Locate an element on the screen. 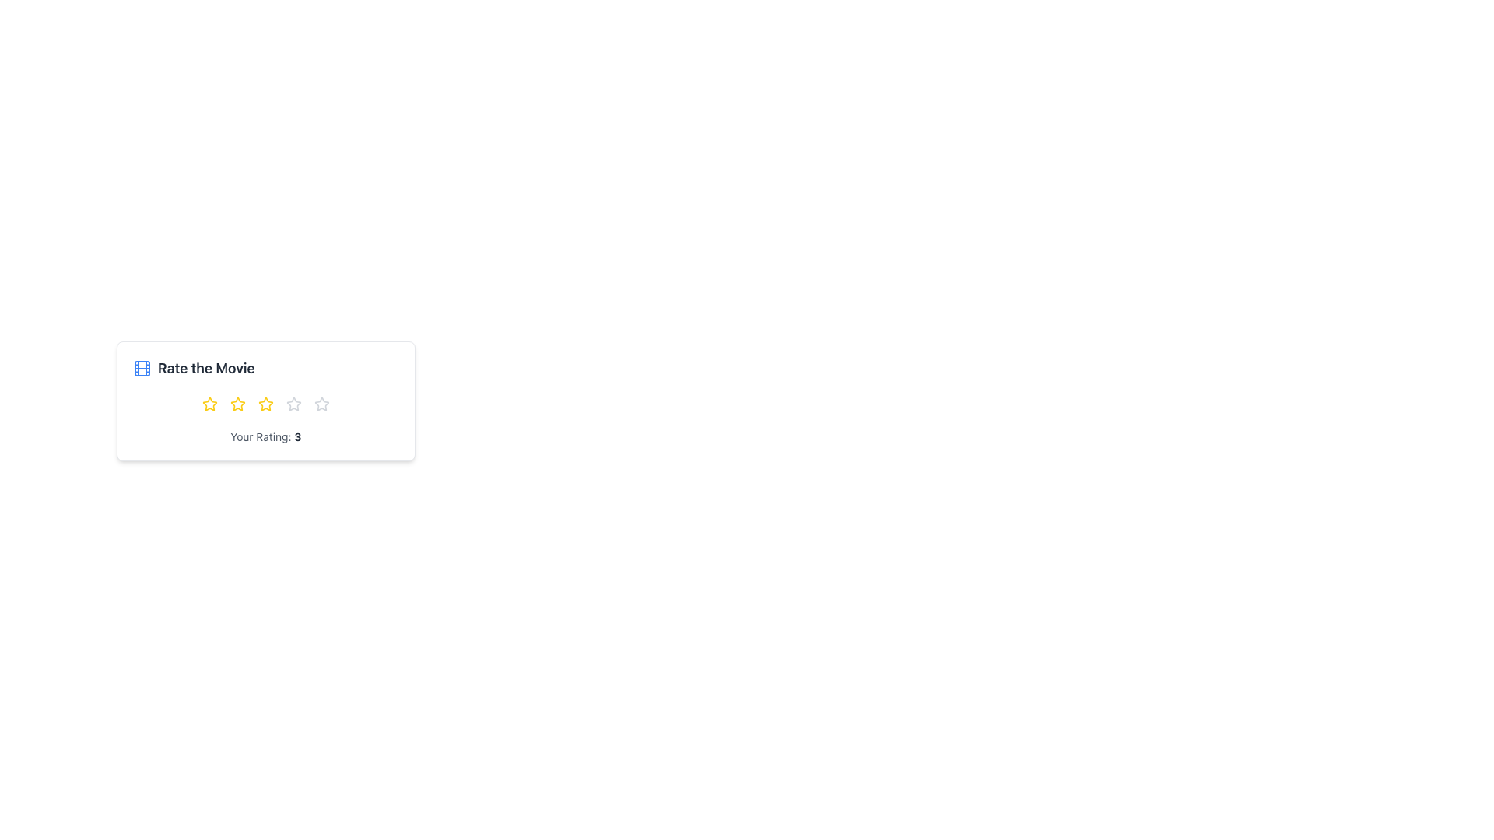 The height and width of the screenshot is (840, 1494). on the third star icon in the rating component labeled 'Rate the Movie' is located at coordinates (293, 403).